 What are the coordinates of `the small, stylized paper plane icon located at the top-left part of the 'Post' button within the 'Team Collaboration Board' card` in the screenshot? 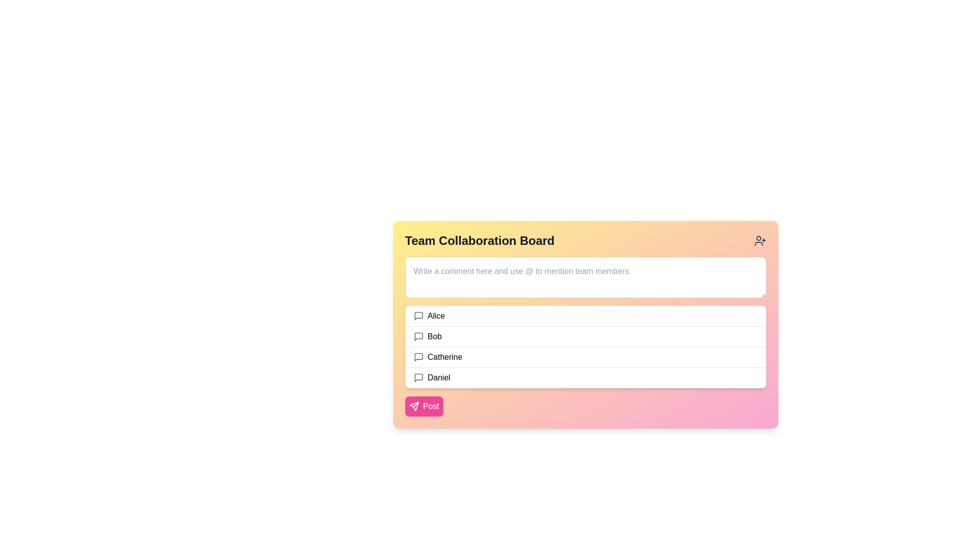 It's located at (414, 406).